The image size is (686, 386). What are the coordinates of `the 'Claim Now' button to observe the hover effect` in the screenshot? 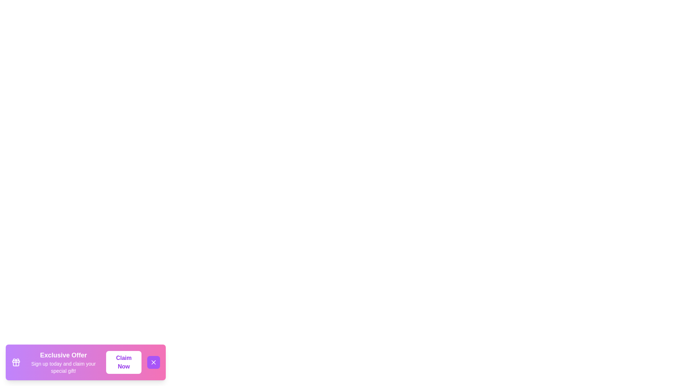 It's located at (124, 362).